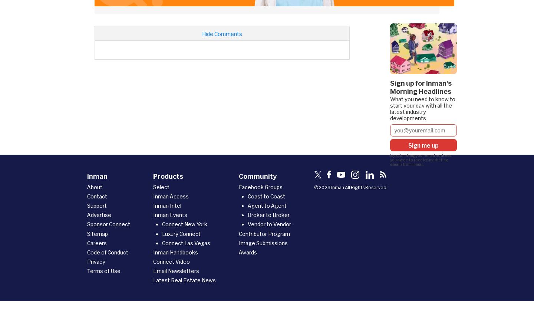  I want to click on '©2023 Inman All Rights Reserved.', so click(350, 187).